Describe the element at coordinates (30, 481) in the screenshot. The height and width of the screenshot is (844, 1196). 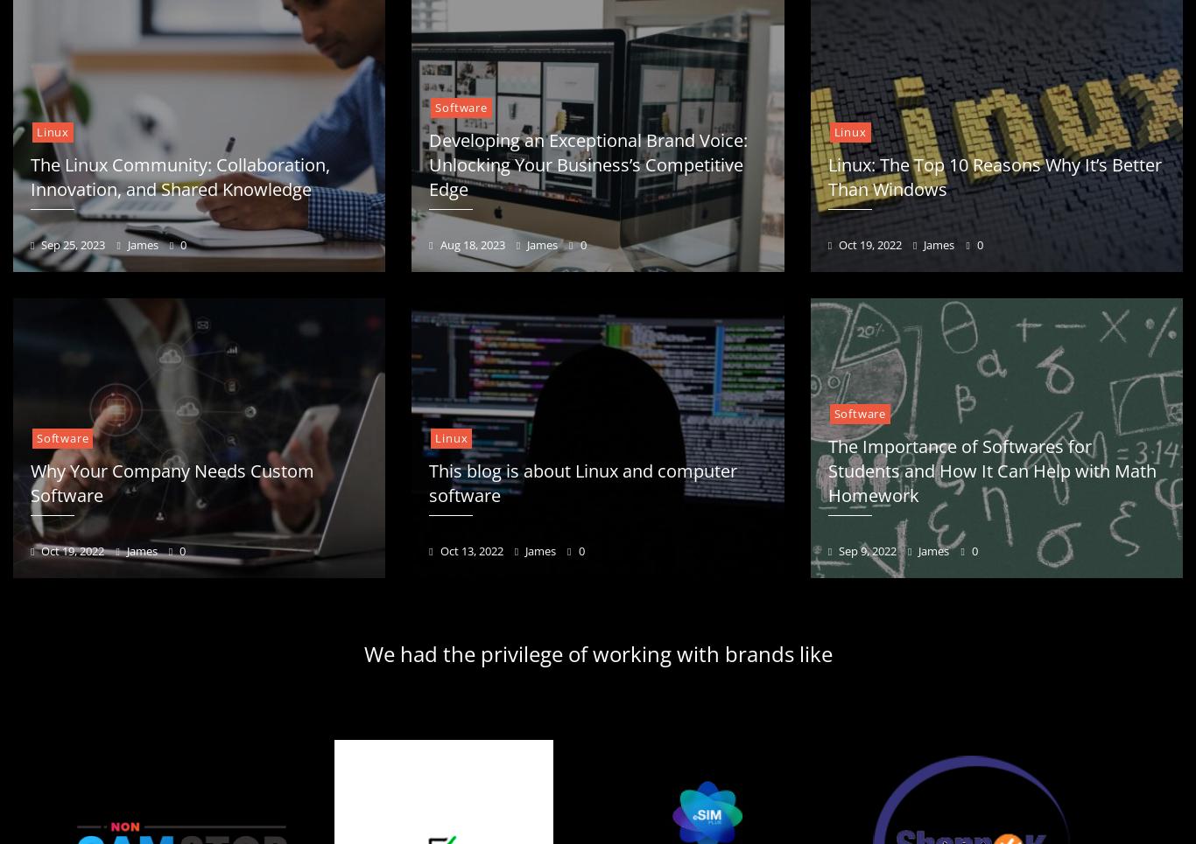
I see `'Why Your Company Needs Custom Software'` at that location.